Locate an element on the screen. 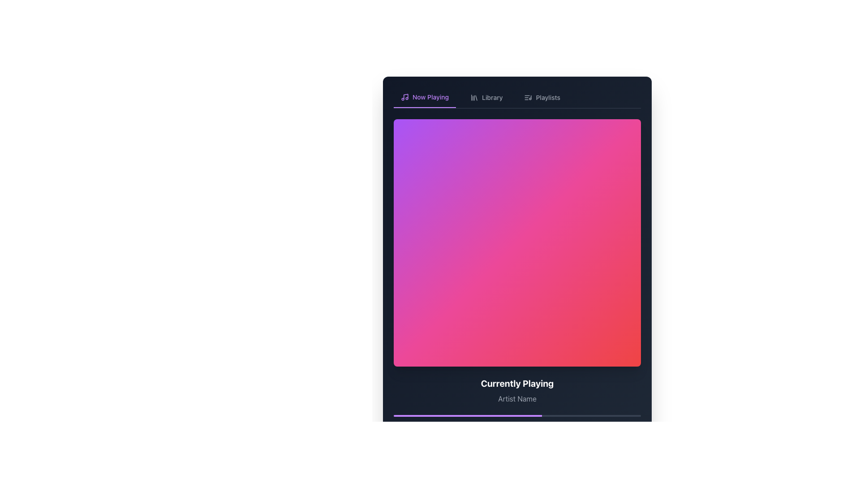 This screenshot has width=860, height=484. the 'Artist Name' text label, which is located directly below the 'Currently Playing' header in the middle section of the interface is located at coordinates (517, 398).